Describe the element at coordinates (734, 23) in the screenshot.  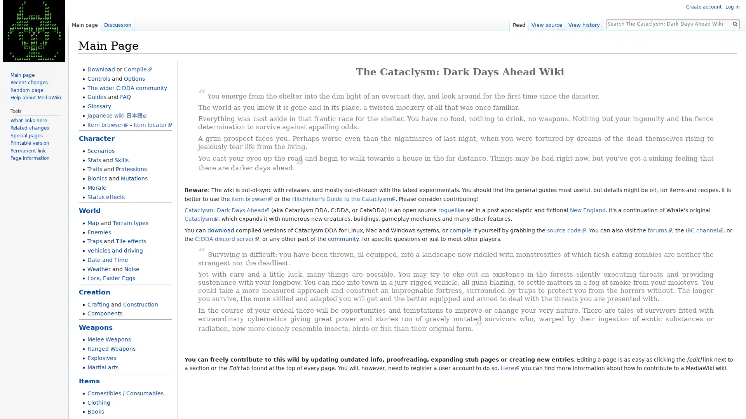
I see `Go` at that location.